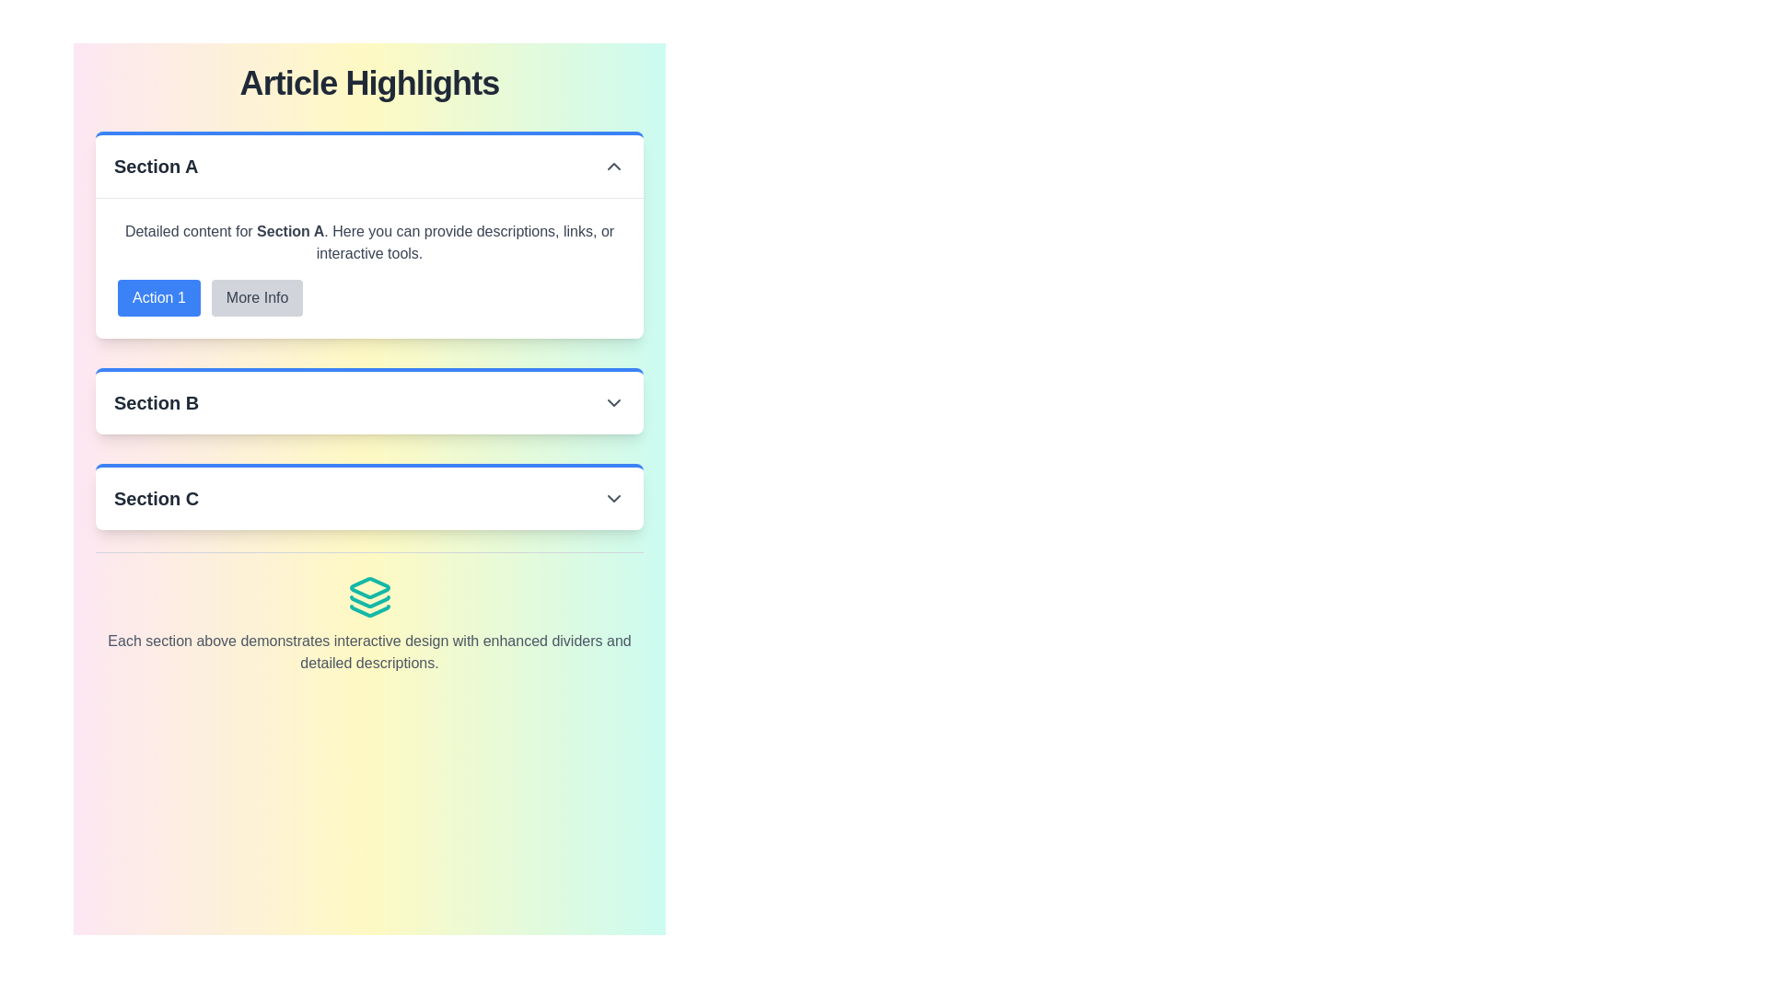 This screenshot has width=1768, height=994. What do you see at coordinates (158, 297) in the screenshot?
I see `the button labeled 'Action 1' with a blue background and white text` at bounding box center [158, 297].